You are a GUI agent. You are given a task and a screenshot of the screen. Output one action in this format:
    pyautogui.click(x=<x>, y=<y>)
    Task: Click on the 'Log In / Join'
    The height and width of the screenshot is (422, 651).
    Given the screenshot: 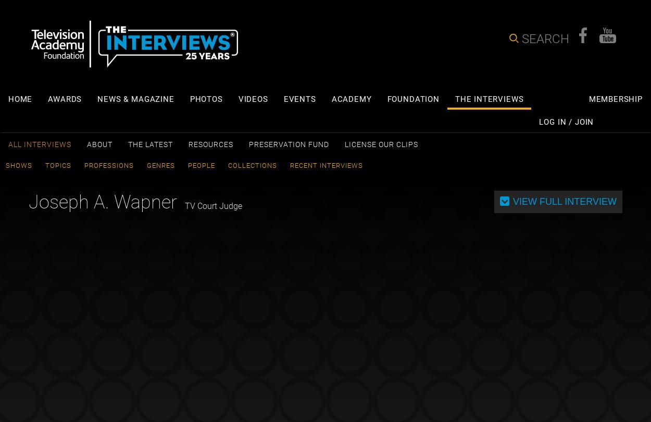 What is the action you would take?
    pyautogui.click(x=566, y=121)
    